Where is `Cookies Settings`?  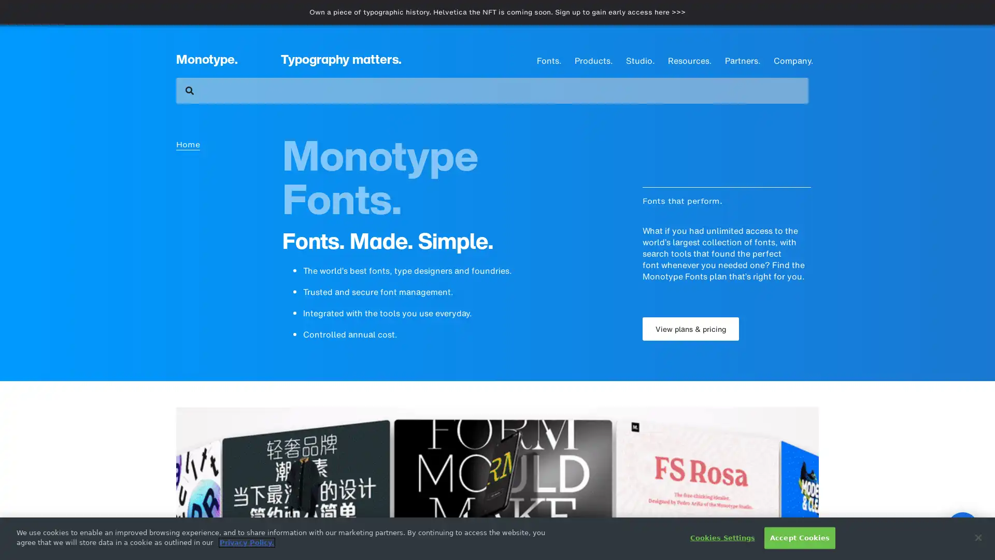
Cookies Settings is located at coordinates (721, 537).